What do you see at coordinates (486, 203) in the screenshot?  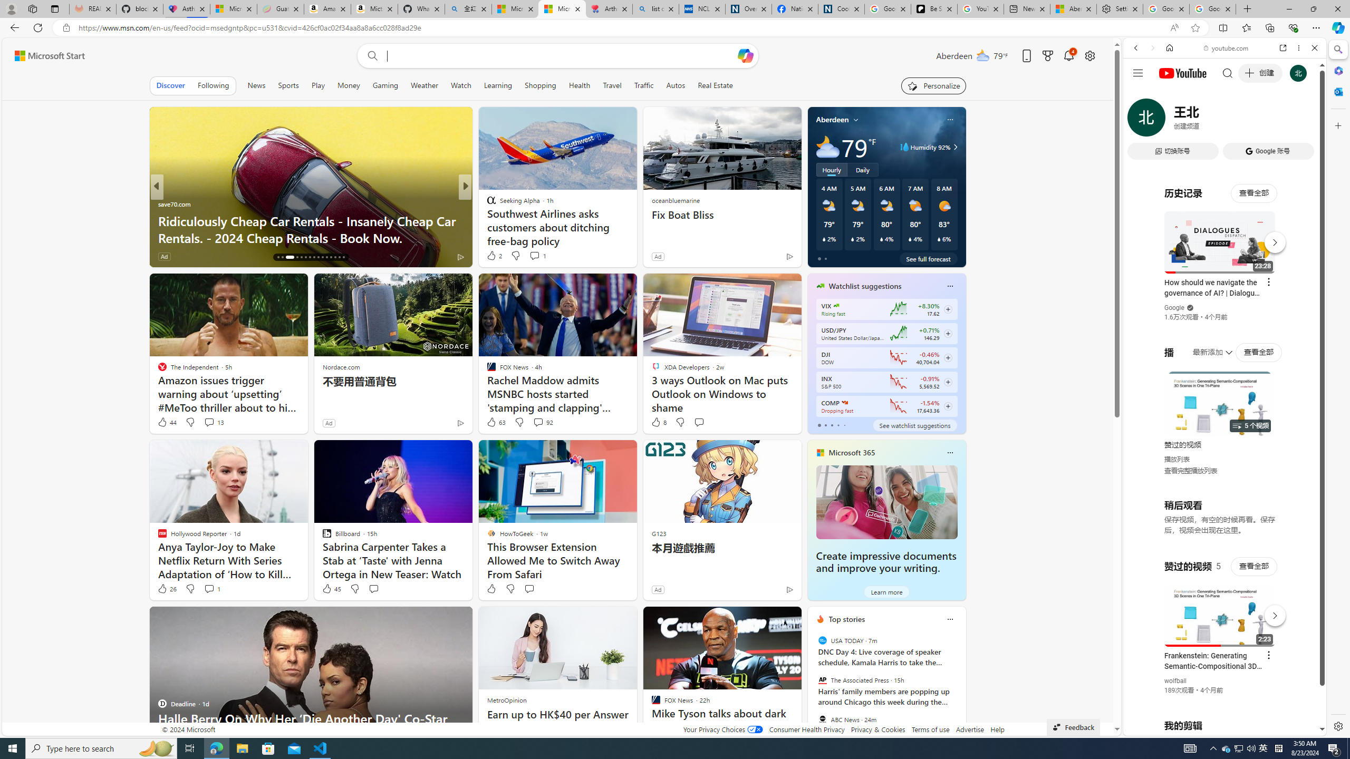 I see `'Inverse'` at bounding box center [486, 203].